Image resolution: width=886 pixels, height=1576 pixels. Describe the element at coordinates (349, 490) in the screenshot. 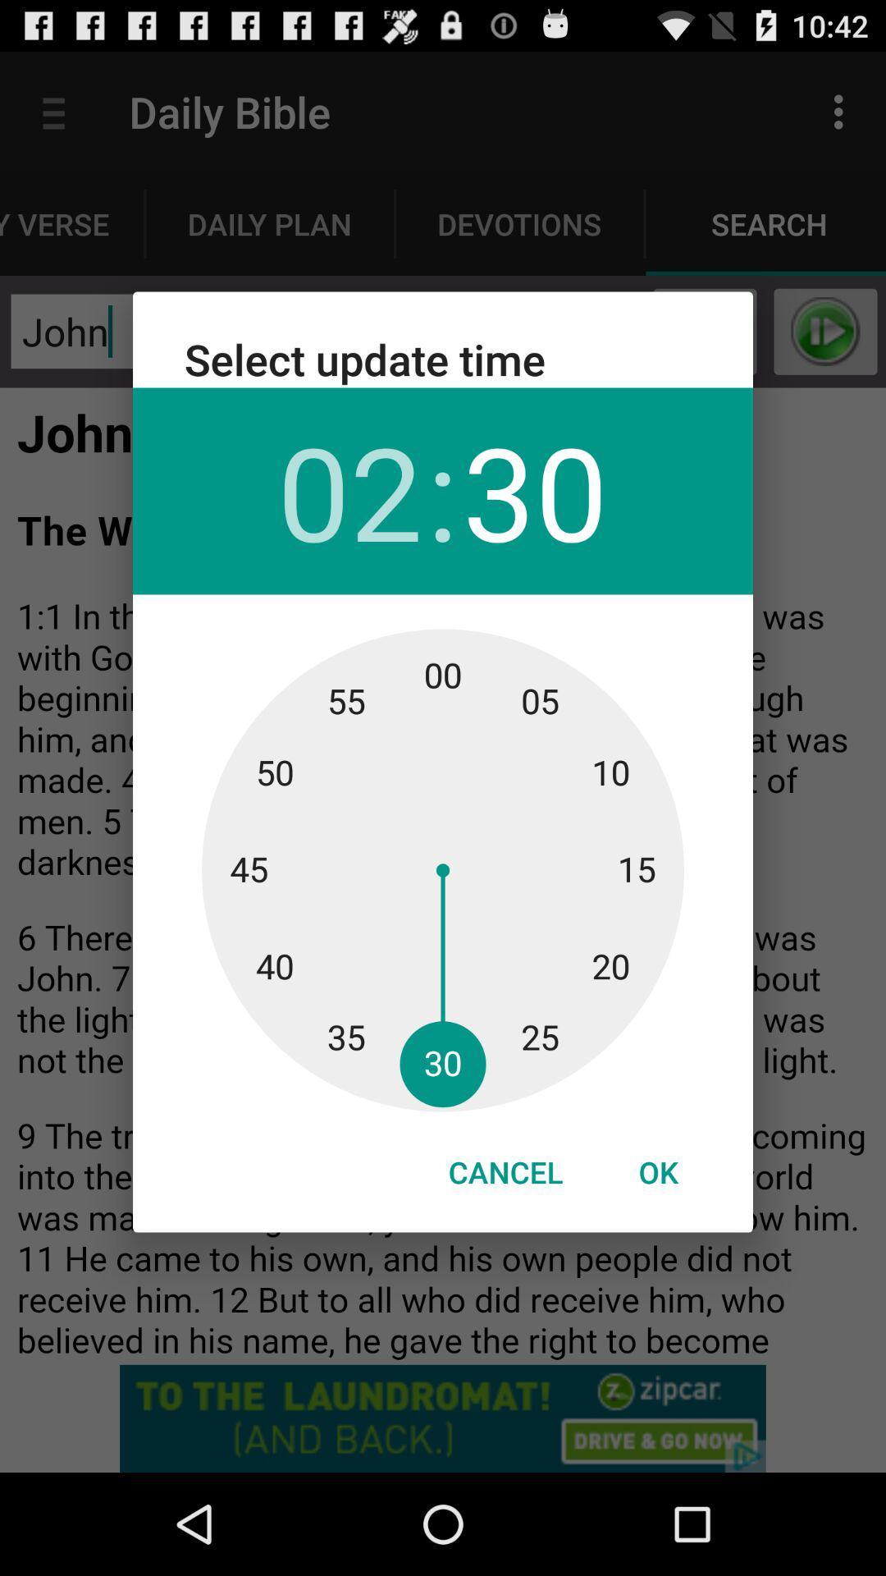

I see `the 02 icon` at that location.